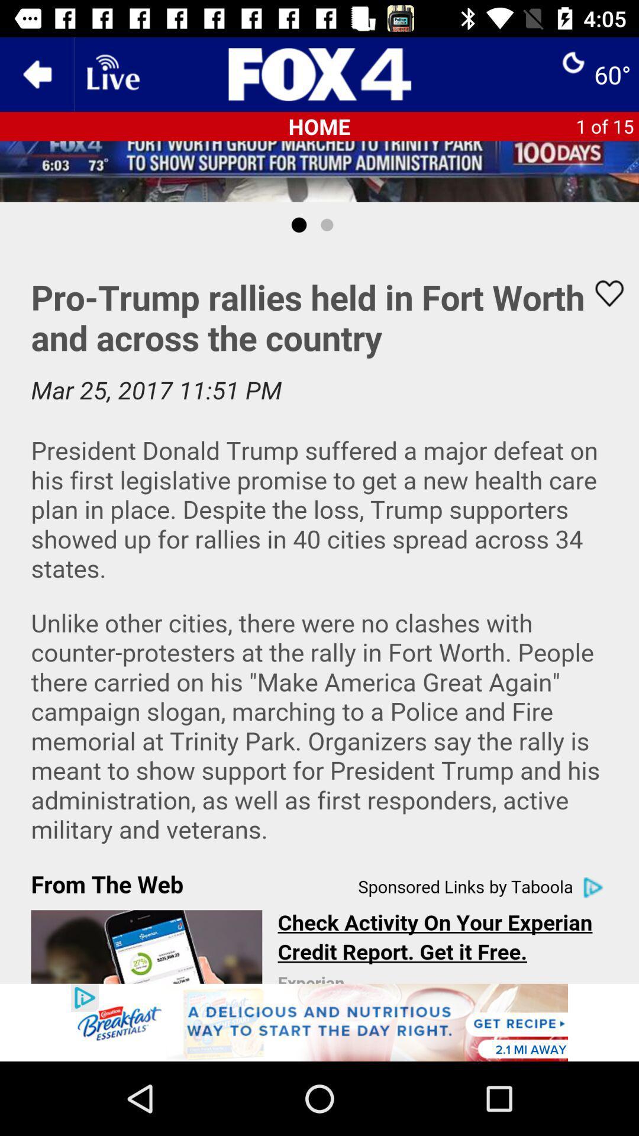 The height and width of the screenshot is (1136, 639). What do you see at coordinates (319, 1022) in the screenshot?
I see `advertiser website` at bounding box center [319, 1022].